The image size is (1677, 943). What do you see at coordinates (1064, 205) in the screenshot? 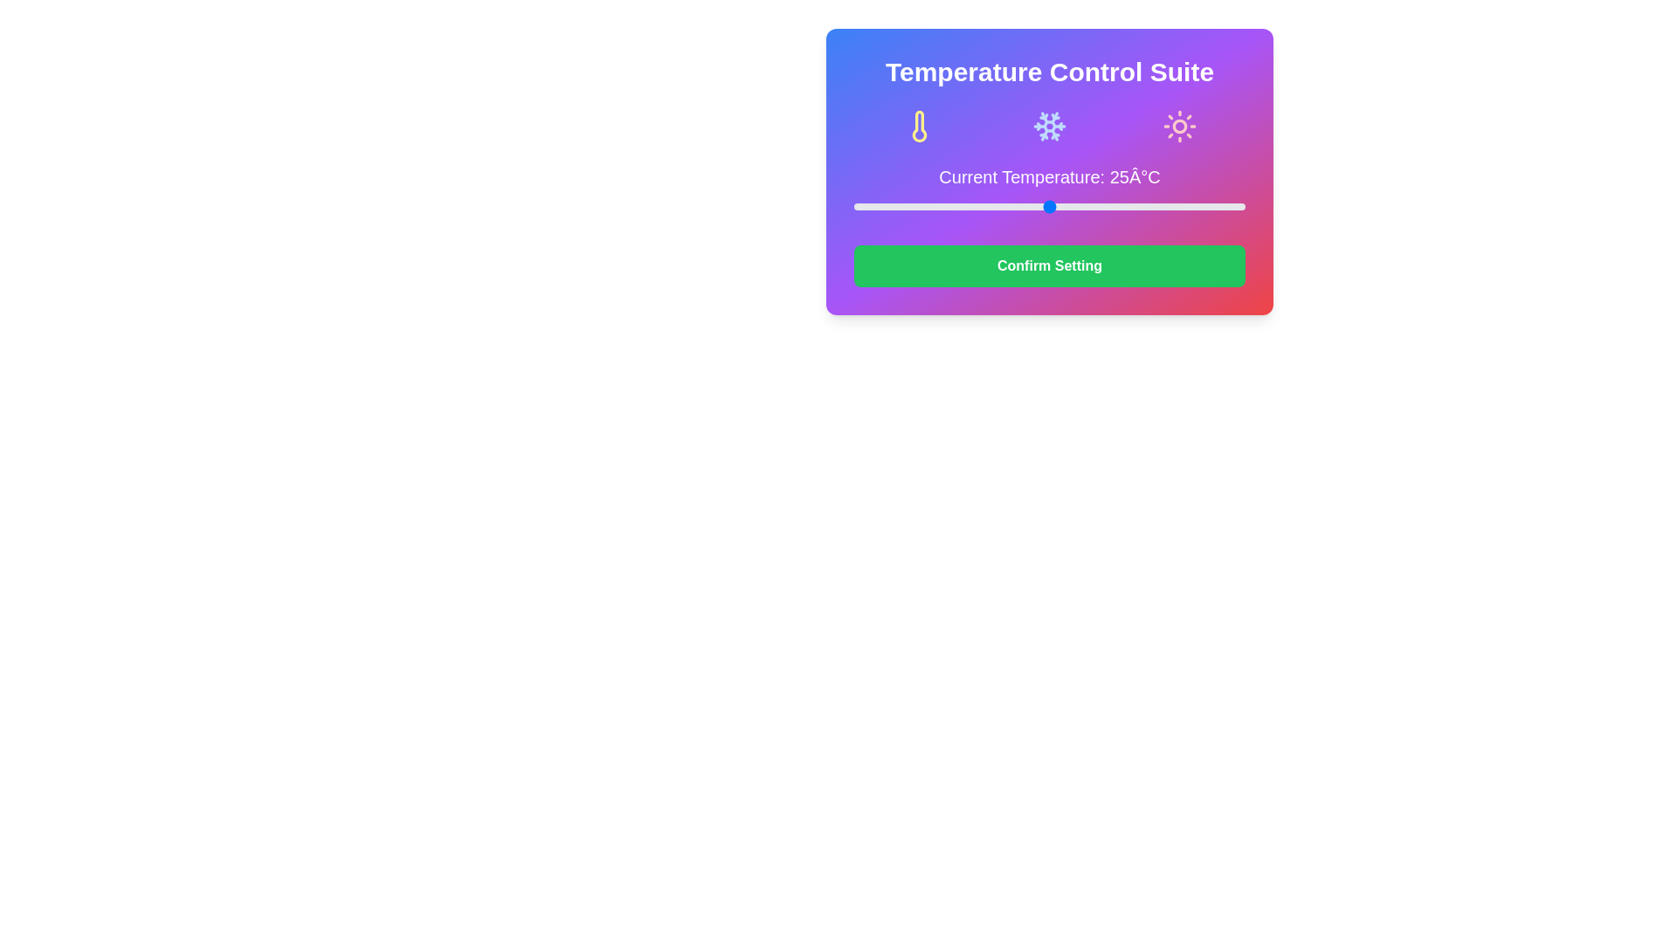
I see `the temperature slider to set the temperature to 27°C` at bounding box center [1064, 205].